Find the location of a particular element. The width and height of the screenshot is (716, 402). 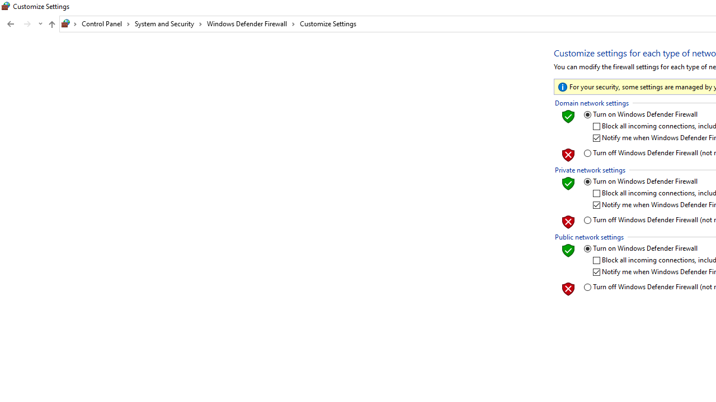

'Windows Defender Firewall' is located at coordinates (251, 23).